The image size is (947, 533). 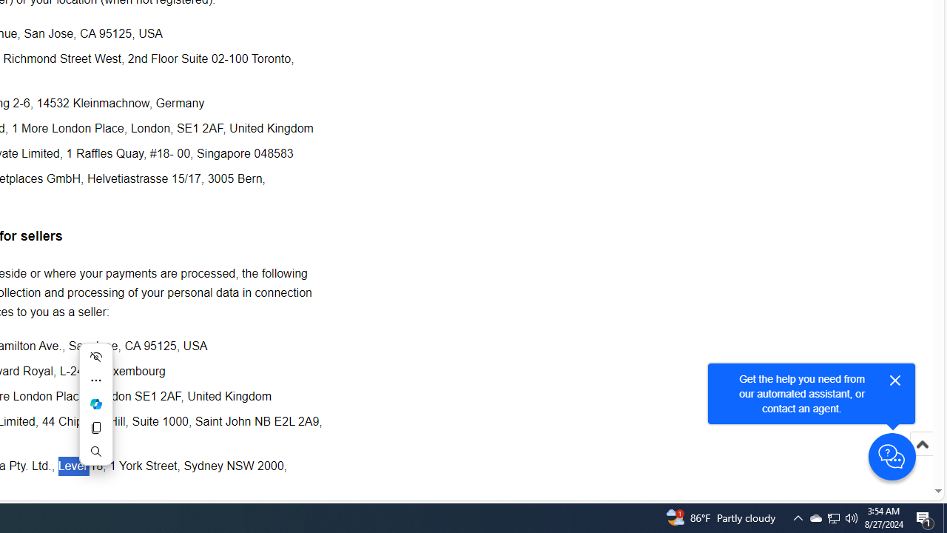 I want to click on 'Copy', so click(x=95, y=428).